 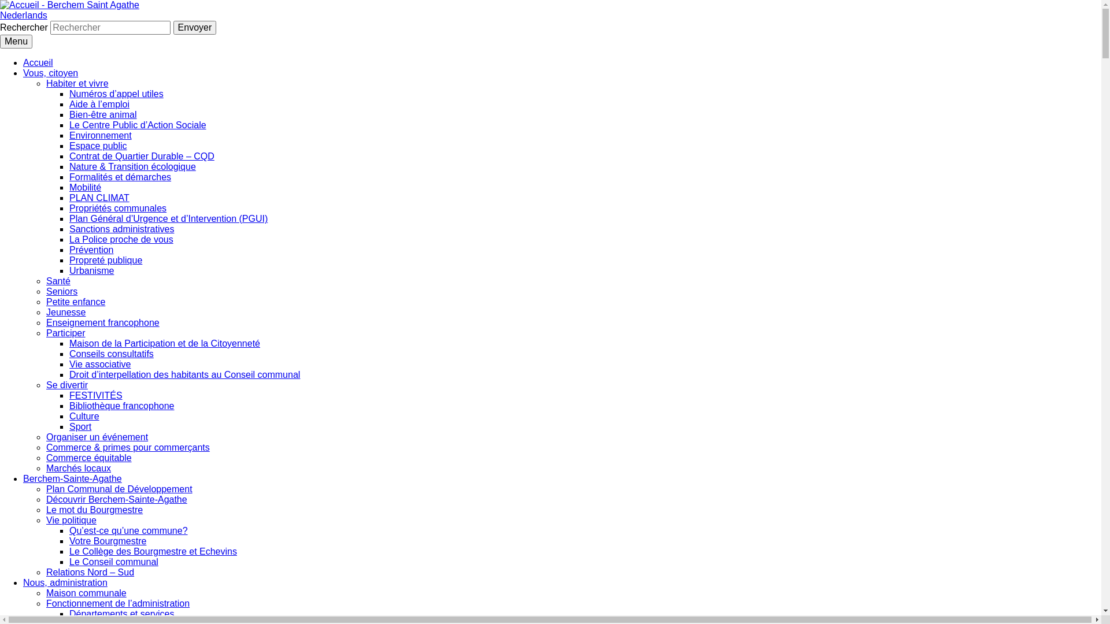 I want to click on 'Envoyer', so click(x=195, y=27).